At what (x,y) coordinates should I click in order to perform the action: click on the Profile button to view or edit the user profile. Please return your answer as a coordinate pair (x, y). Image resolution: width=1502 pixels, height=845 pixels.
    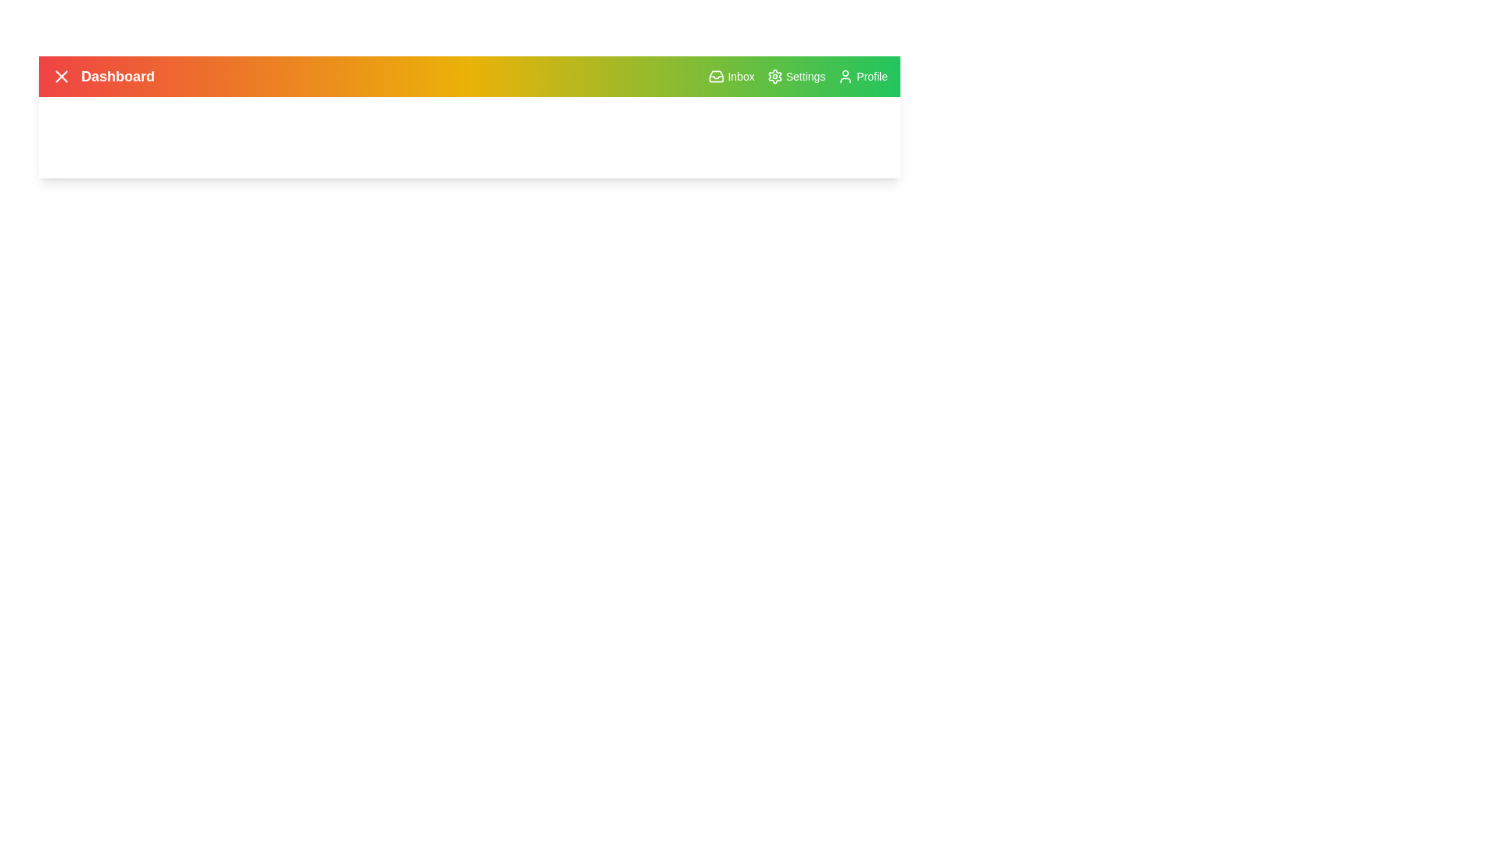
    Looking at the image, I should click on (862, 76).